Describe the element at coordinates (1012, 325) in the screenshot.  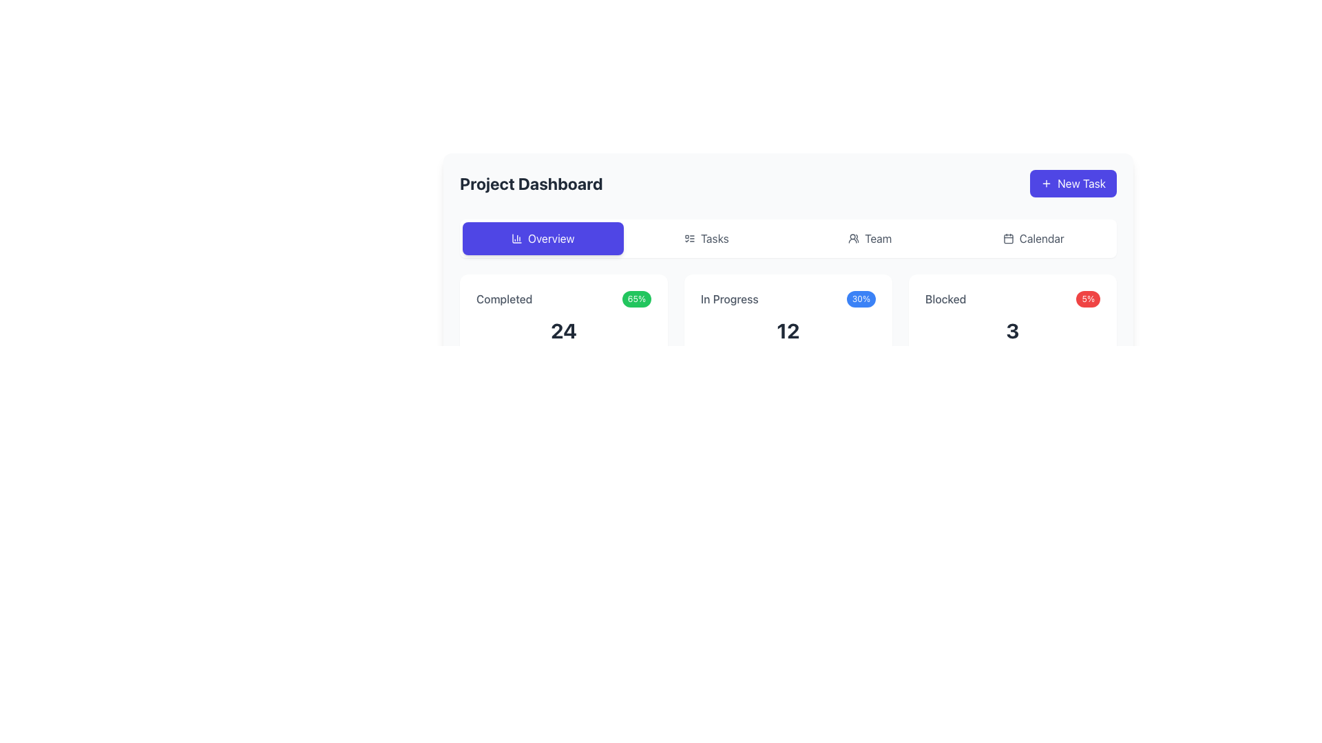
I see `the Informational card that summarizes 'Blocked' items, which is positioned as the third card in a row of three, located to the far right` at that location.